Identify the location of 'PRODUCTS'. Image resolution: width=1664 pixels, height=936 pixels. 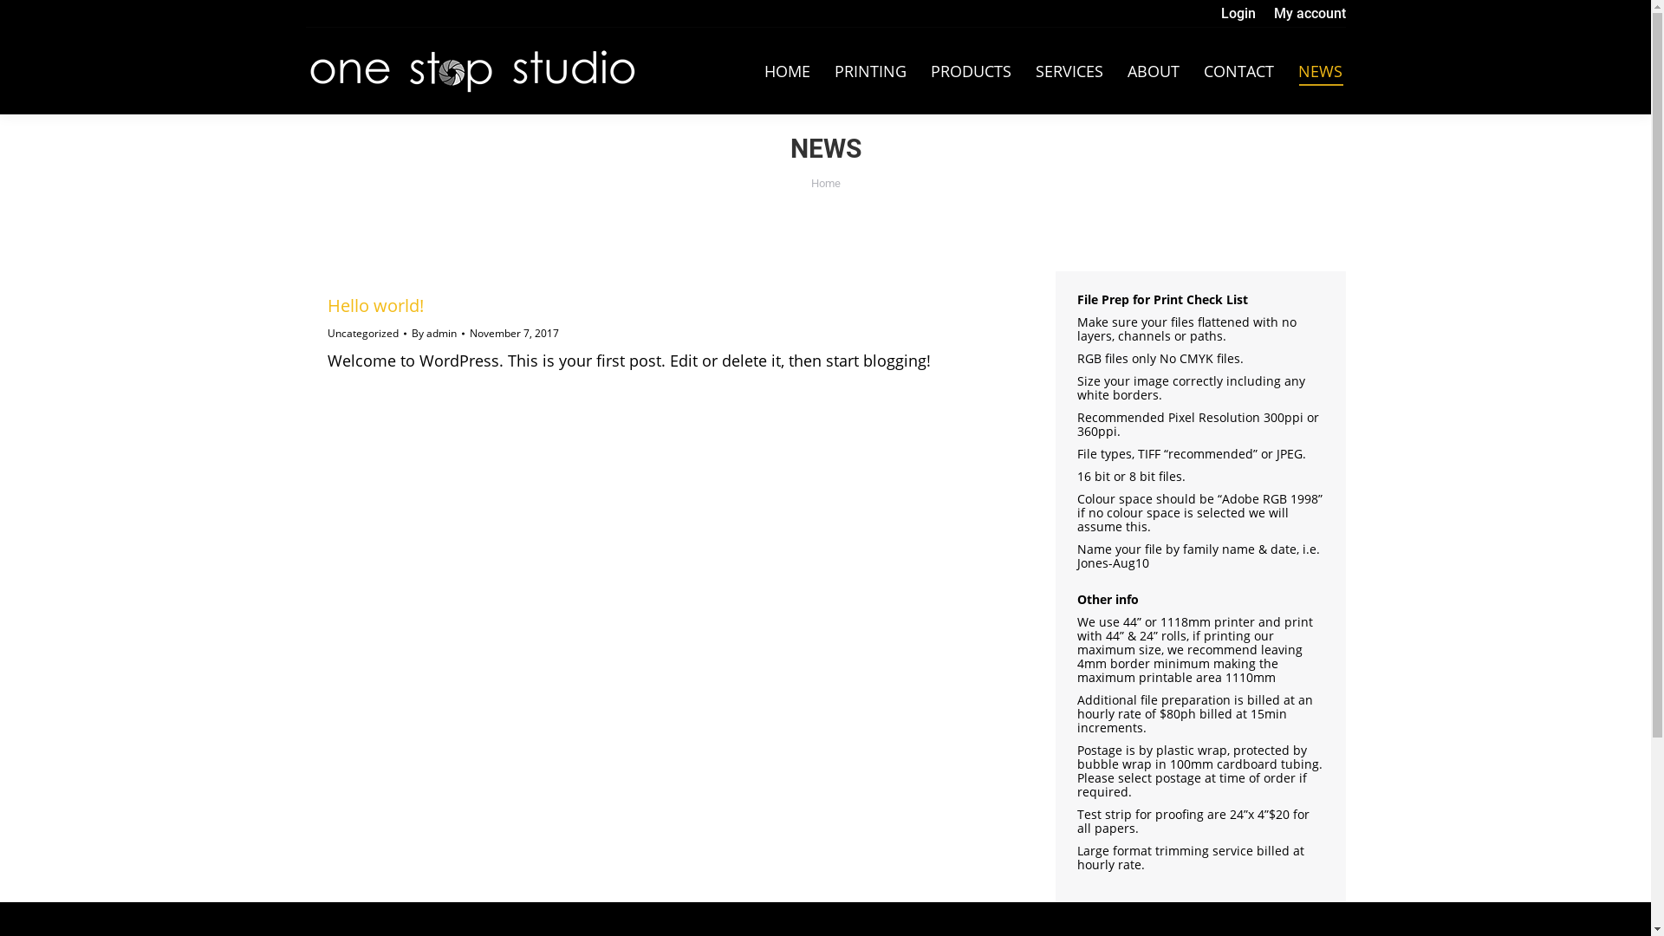
(971, 69).